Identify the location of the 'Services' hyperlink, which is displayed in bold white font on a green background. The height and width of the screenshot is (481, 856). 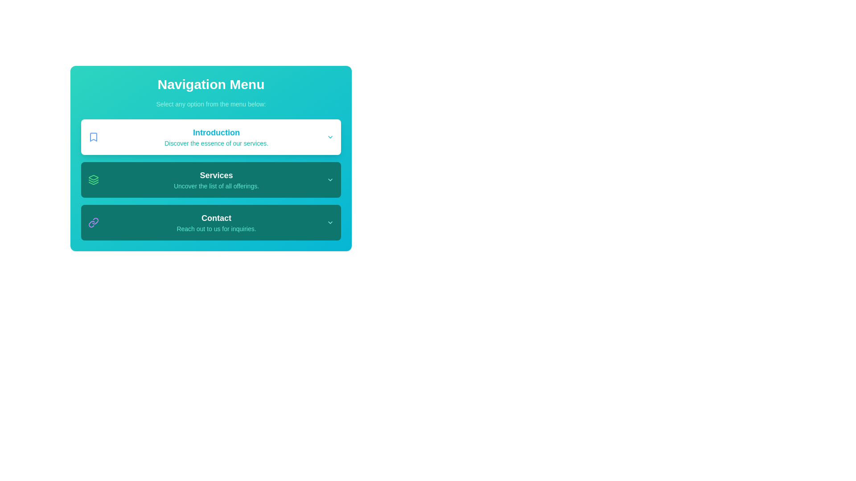
(216, 175).